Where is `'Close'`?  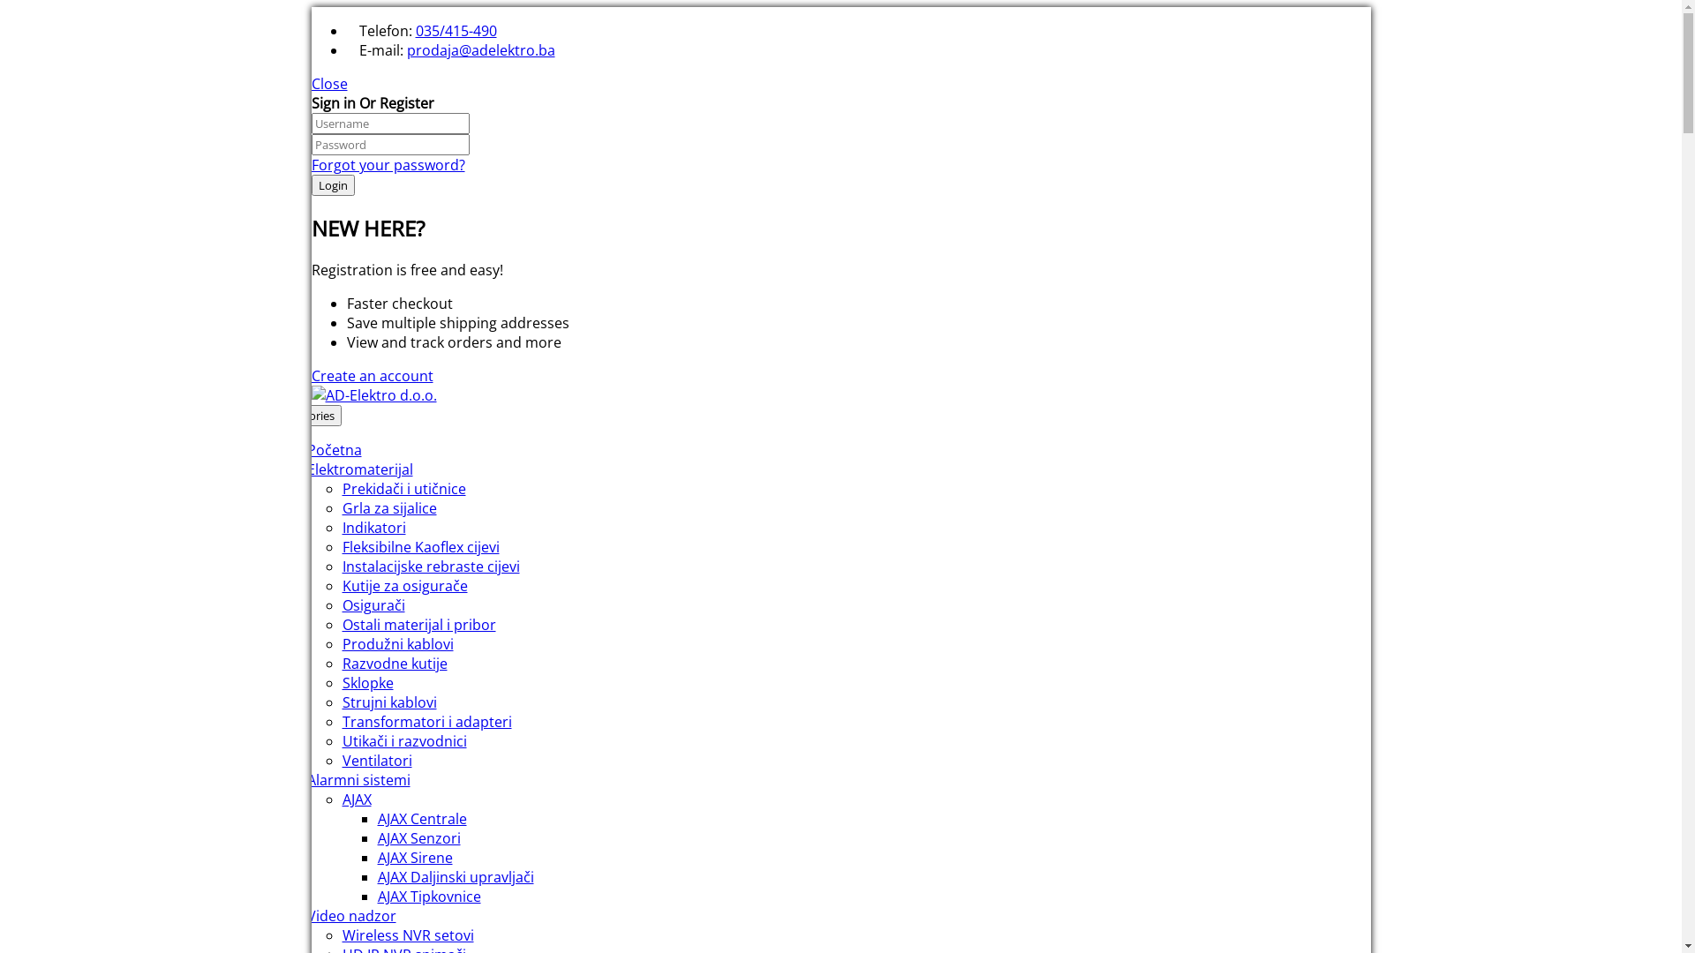
'Close' is located at coordinates (328, 84).